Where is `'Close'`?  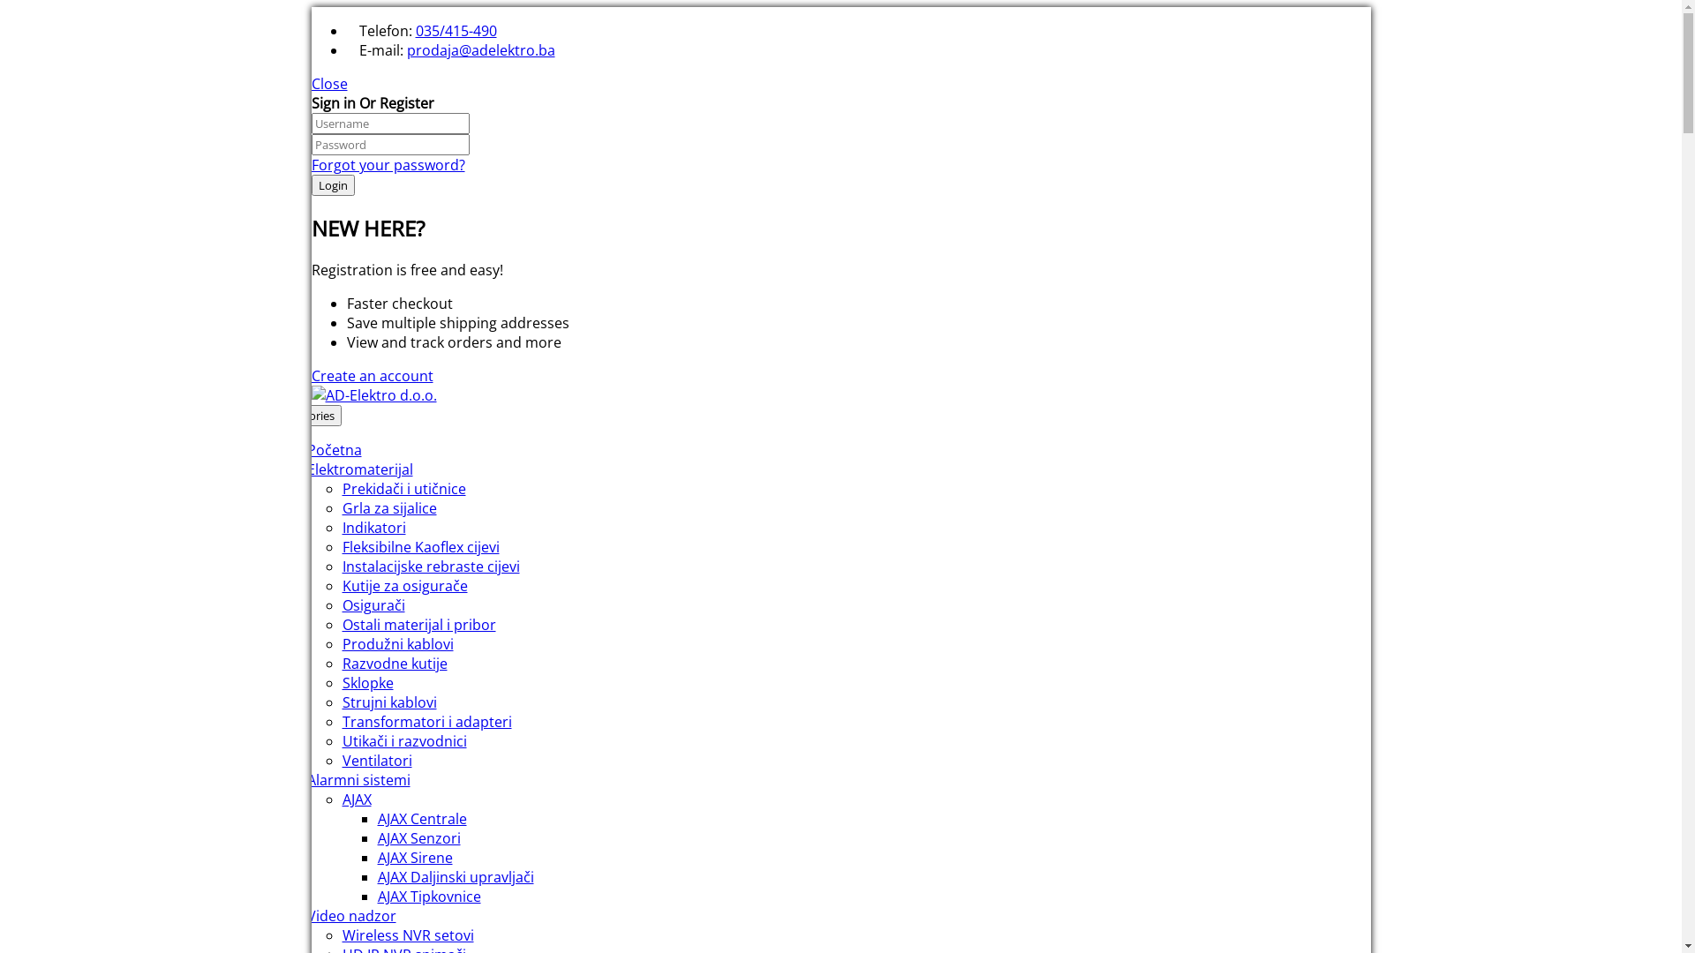
'Close' is located at coordinates (328, 84).